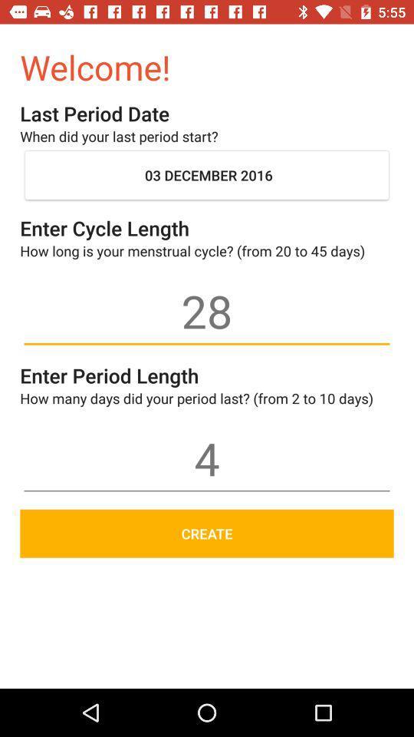 The image size is (414, 737). I want to click on the icon below when did your item, so click(207, 175).